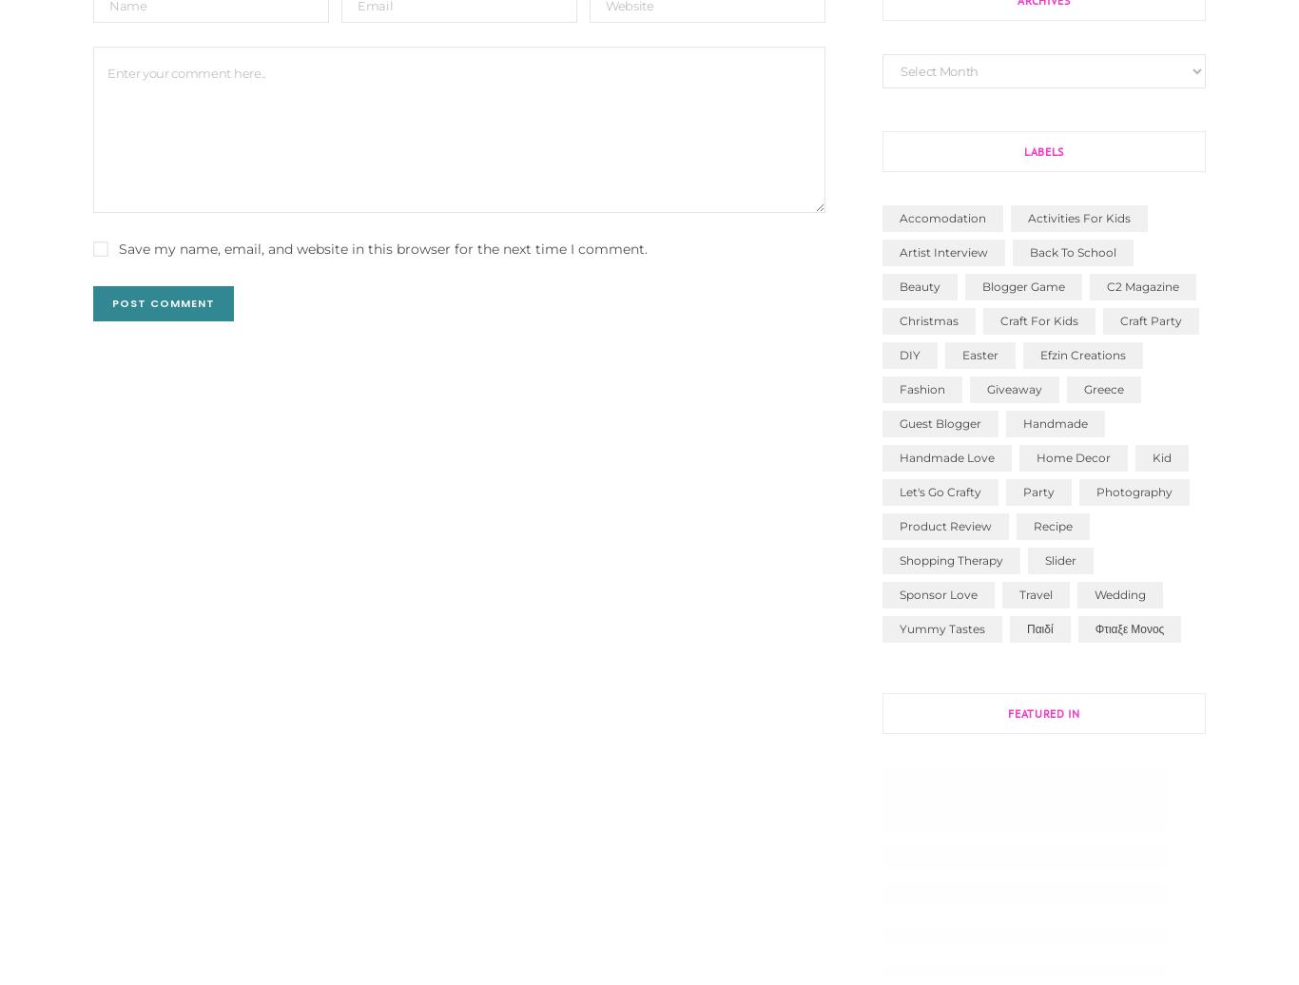 Image resolution: width=1299 pixels, height=985 pixels. What do you see at coordinates (1106, 285) in the screenshot?
I see `'C2 Magazine'` at bounding box center [1106, 285].